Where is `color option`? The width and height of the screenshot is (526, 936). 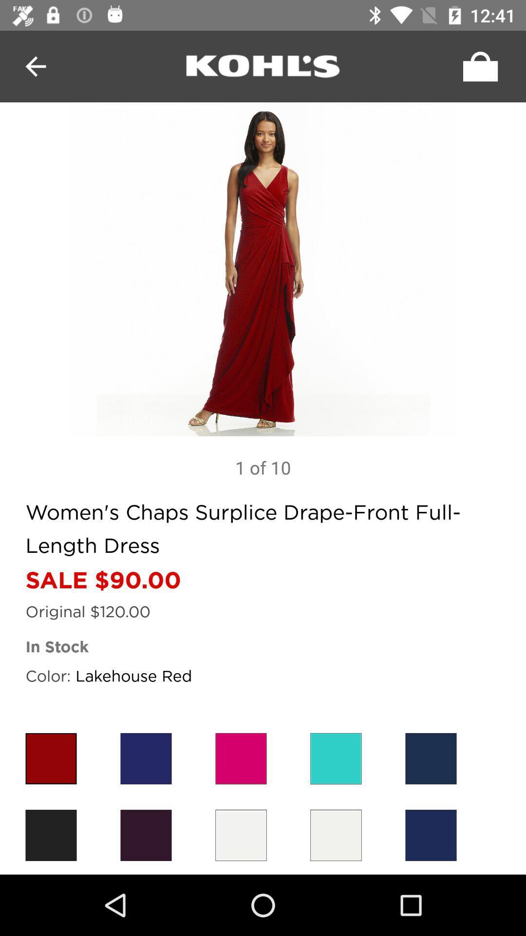
color option is located at coordinates (430, 835).